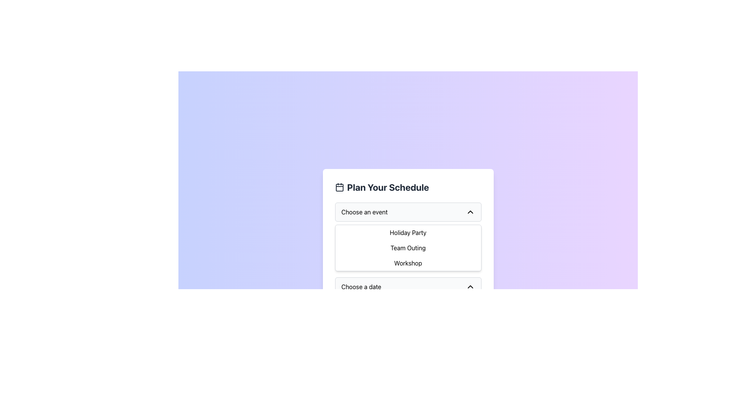 The width and height of the screenshot is (732, 412). What do you see at coordinates (470, 212) in the screenshot?
I see `the small upward-pointing chevron icon, which is located at the right end of the 'Choose an event' dropdown field` at bounding box center [470, 212].